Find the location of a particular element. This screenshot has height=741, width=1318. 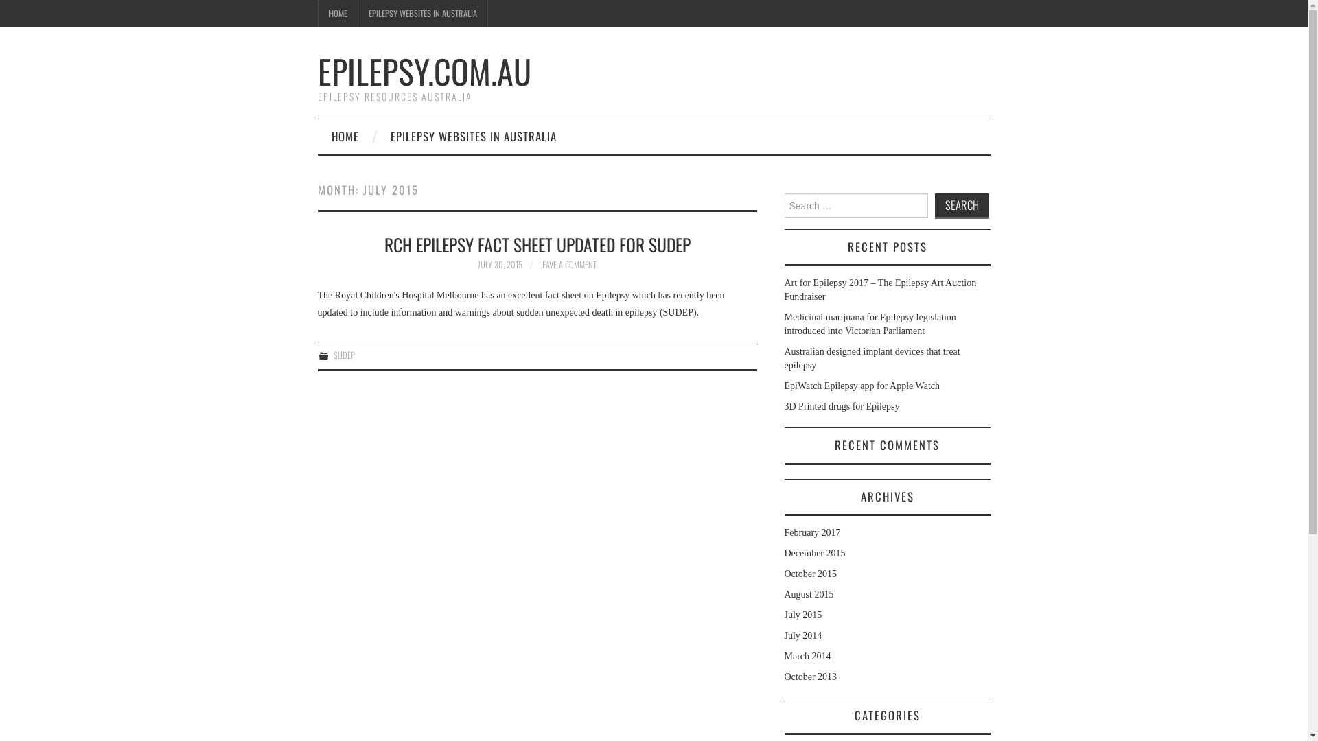

'Search for:' is located at coordinates (855, 206).